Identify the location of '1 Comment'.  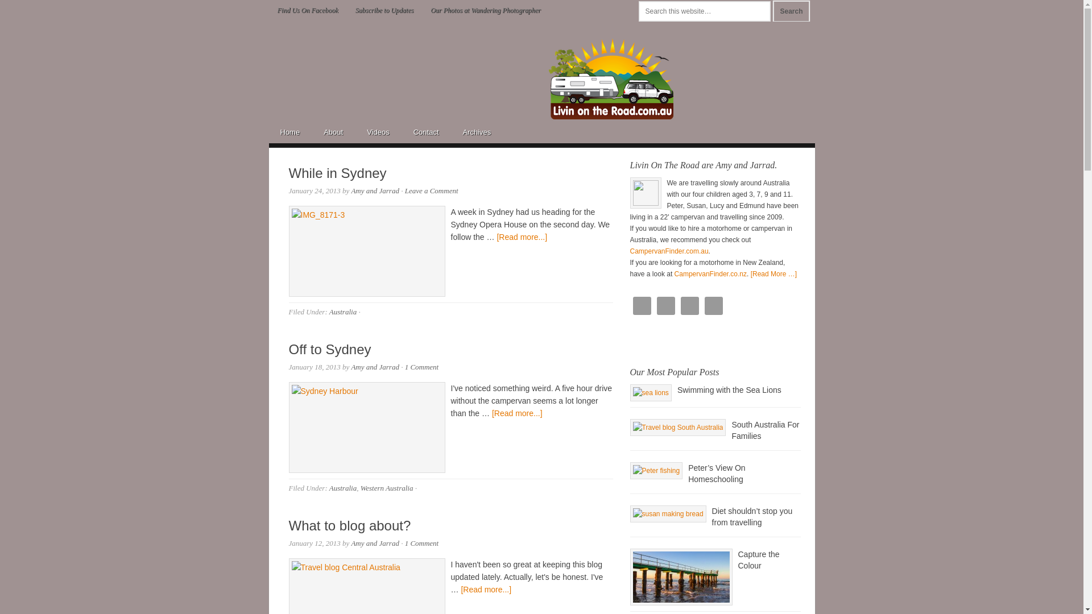
(421, 367).